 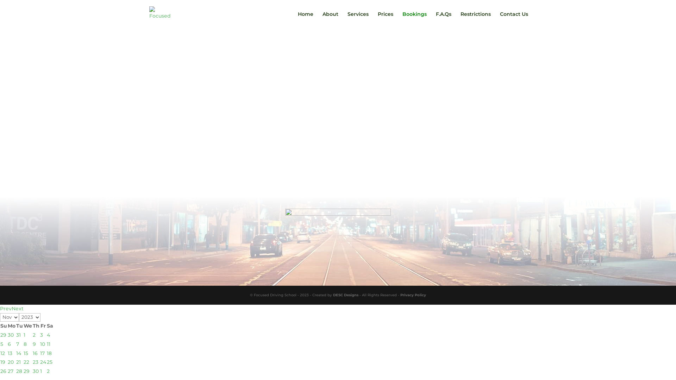 What do you see at coordinates (35, 353) in the screenshot?
I see `'16'` at bounding box center [35, 353].